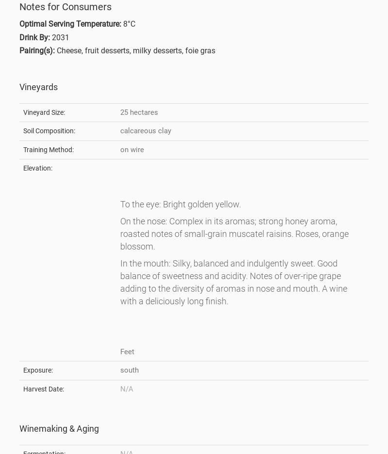  What do you see at coordinates (37, 50) in the screenshot?
I see `'Pairing(s):'` at bounding box center [37, 50].